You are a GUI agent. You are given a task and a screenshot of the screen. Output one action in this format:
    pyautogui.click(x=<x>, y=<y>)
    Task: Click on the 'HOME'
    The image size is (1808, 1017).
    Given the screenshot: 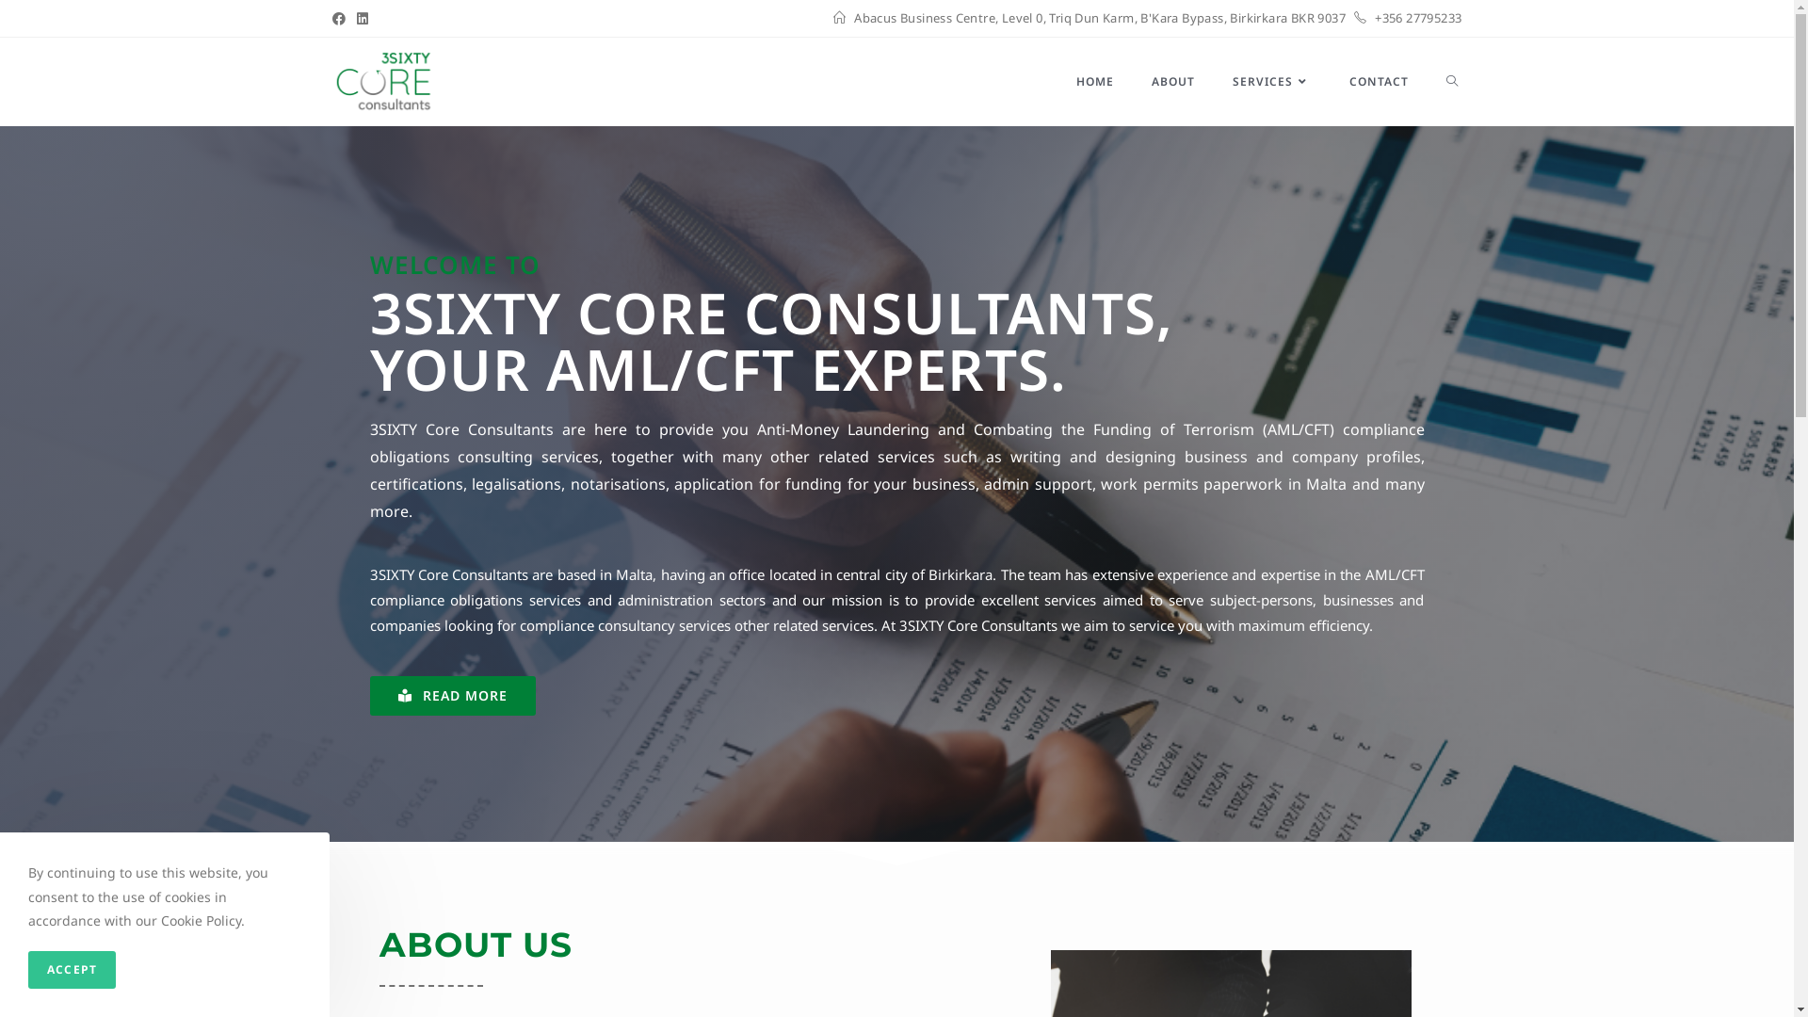 What is the action you would take?
    pyautogui.click(x=1093, y=81)
    